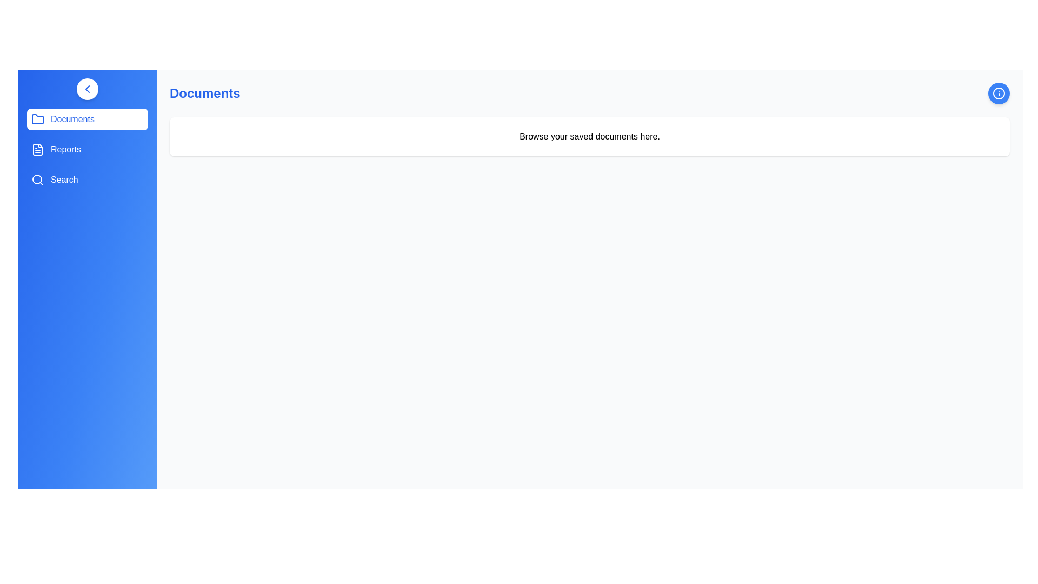 This screenshot has width=1038, height=584. I want to click on information button in the header, so click(999, 93).